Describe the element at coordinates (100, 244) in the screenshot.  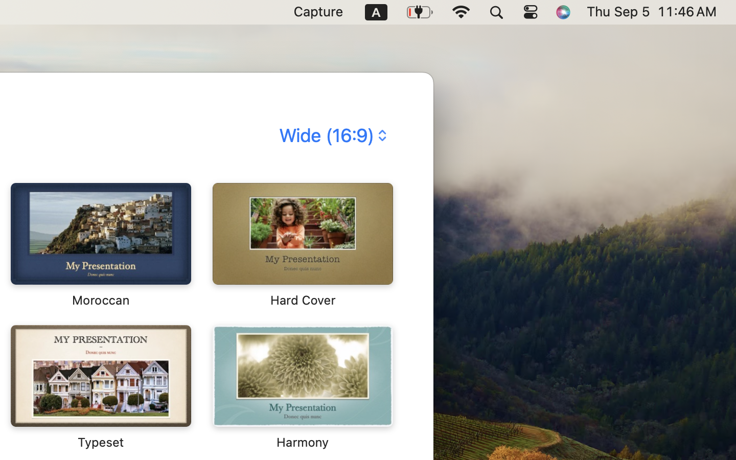
I see `'‎⁨Moroccan⁩'` at that location.